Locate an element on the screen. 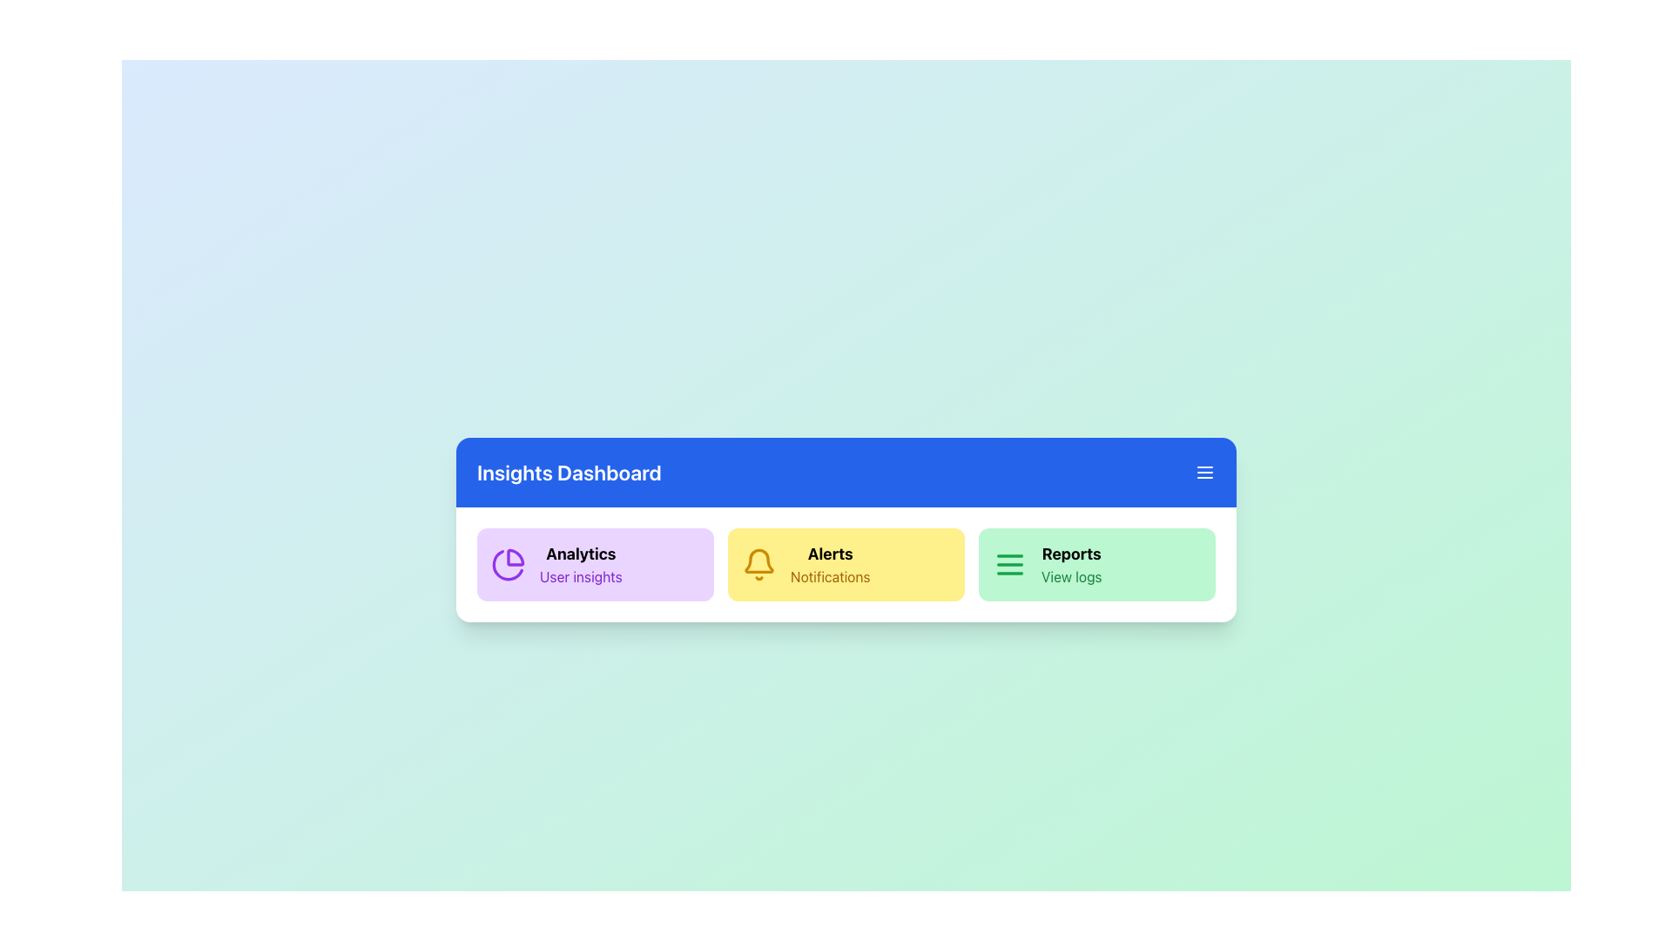 The width and height of the screenshot is (1672, 940). the 'Reports' menu icon located at the leftmost side of the 'Reports' section of the dashboard is located at coordinates (1010, 564).